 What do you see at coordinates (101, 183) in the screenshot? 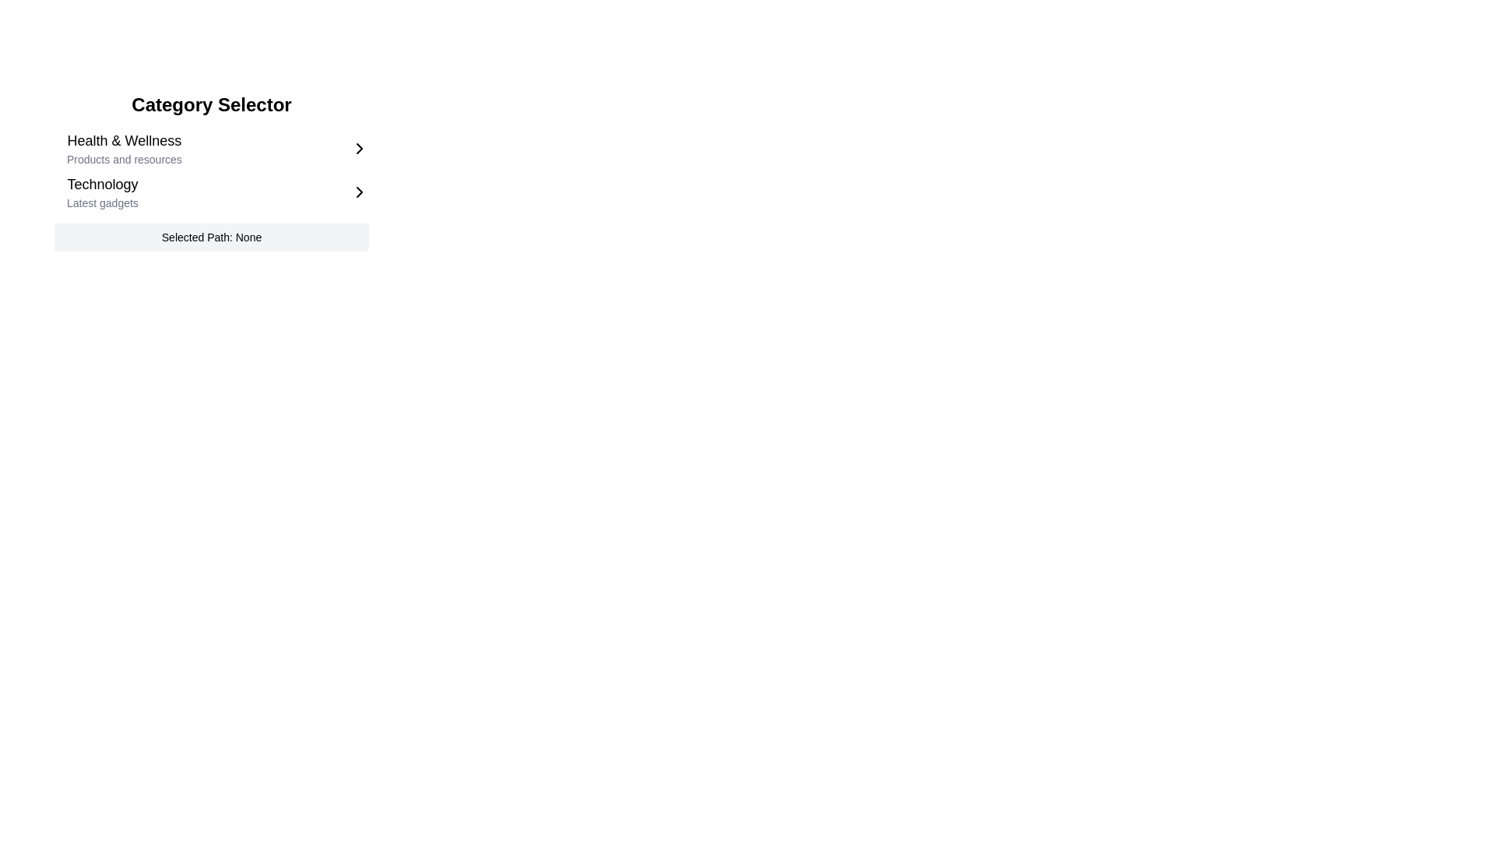
I see `the 'Technology' text label, which is displayed in a bold, medium-large font style, positioned as a category title in the menu list` at bounding box center [101, 183].